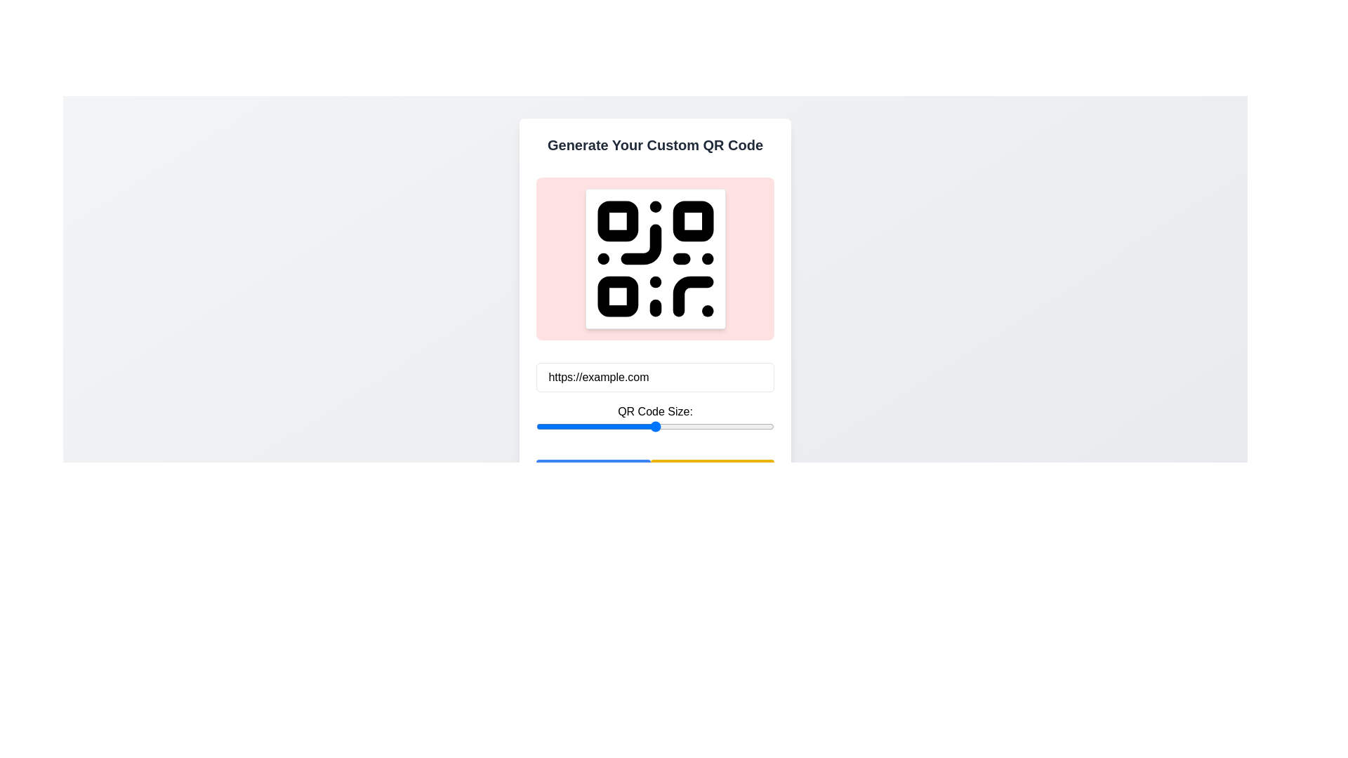 The image size is (1348, 758). I want to click on the QR code size, so click(646, 426).